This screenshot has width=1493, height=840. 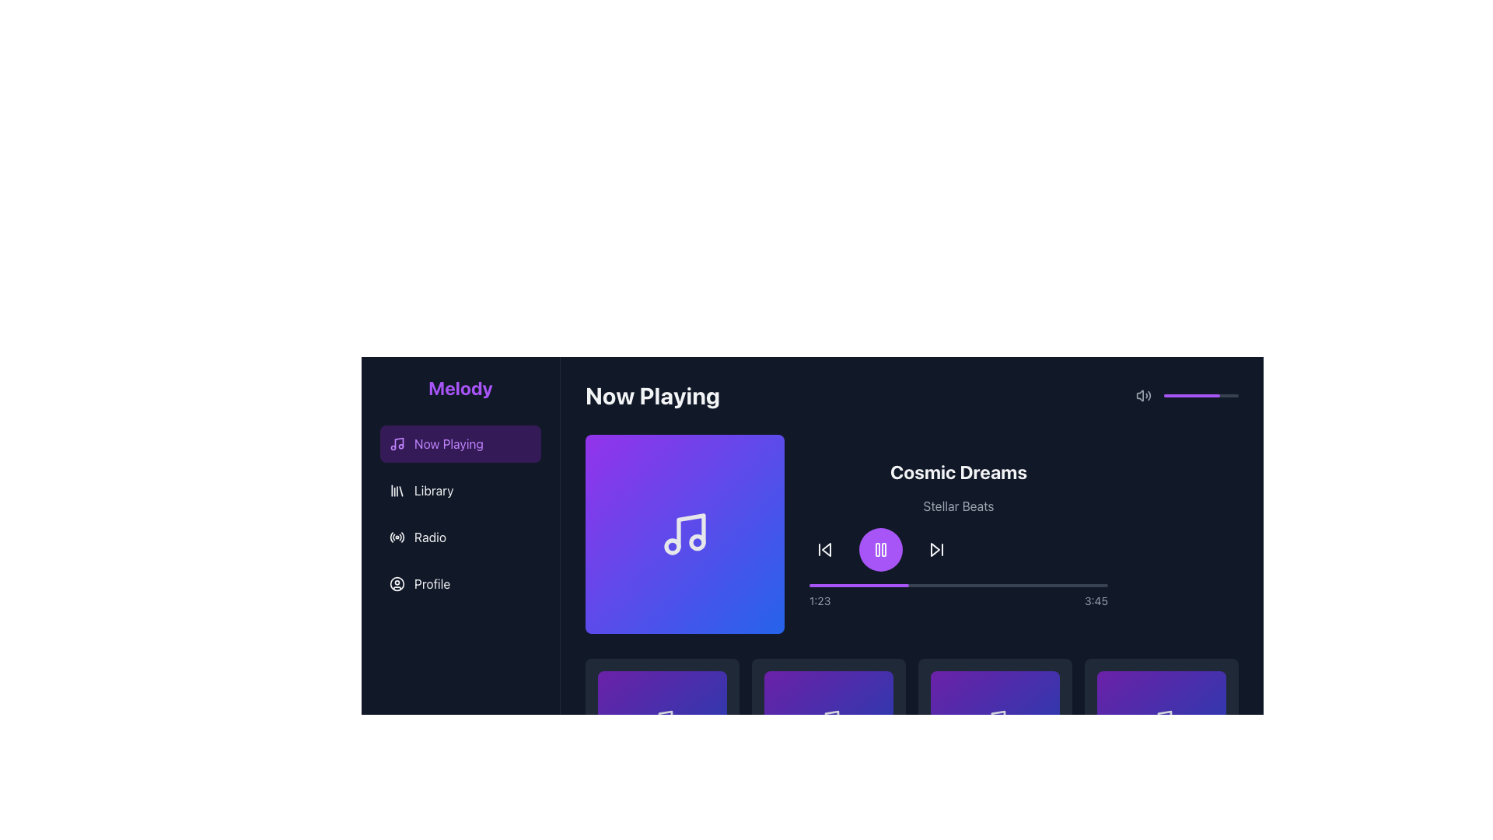 What do you see at coordinates (1169, 395) in the screenshot?
I see `the slider` at bounding box center [1169, 395].